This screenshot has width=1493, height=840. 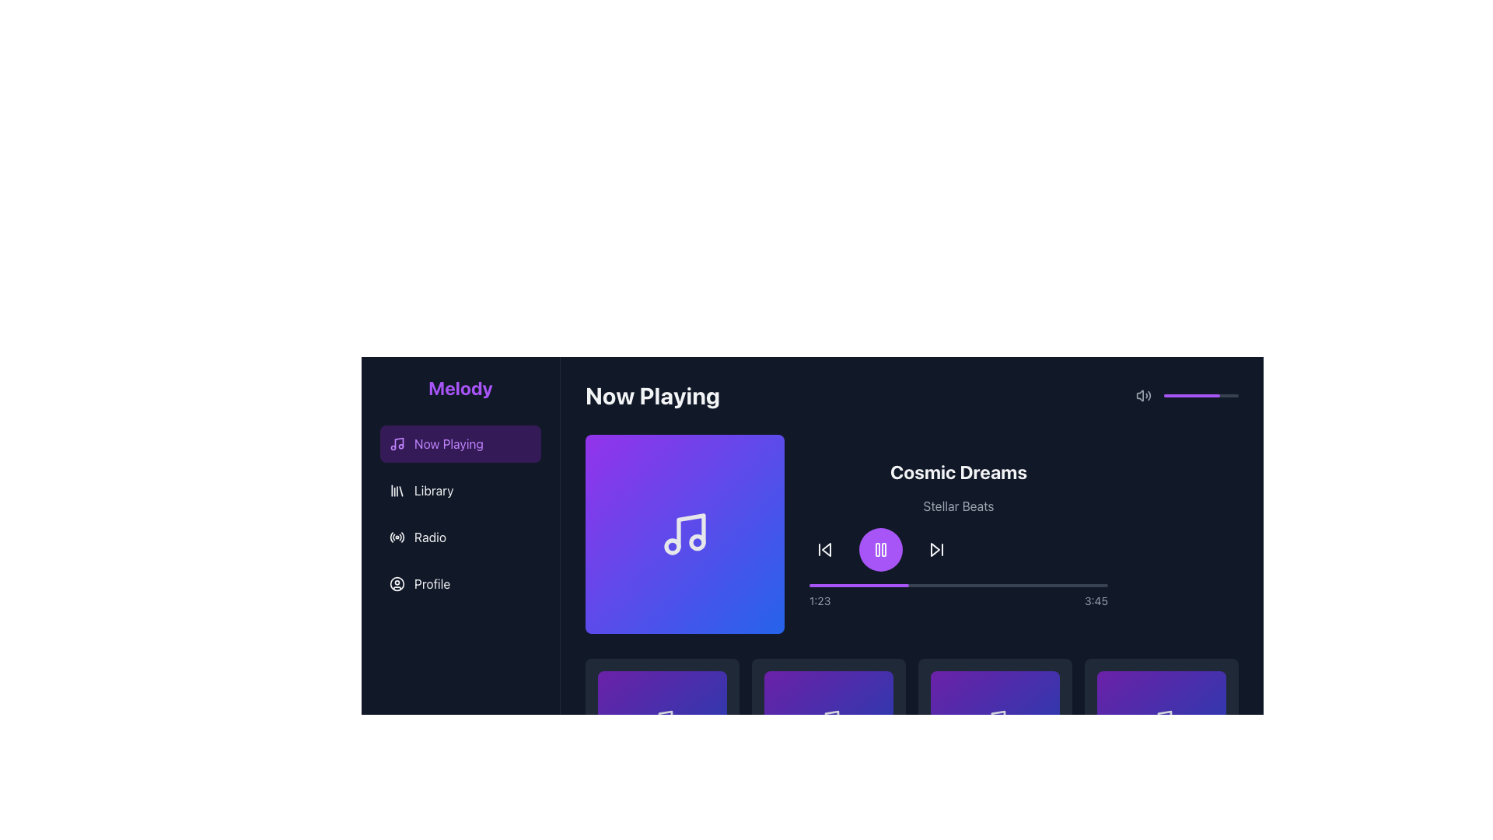 What do you see at coordinates (1169, 395) in the screenshot?
I see `the slider` at bounding box center [1169, 395].